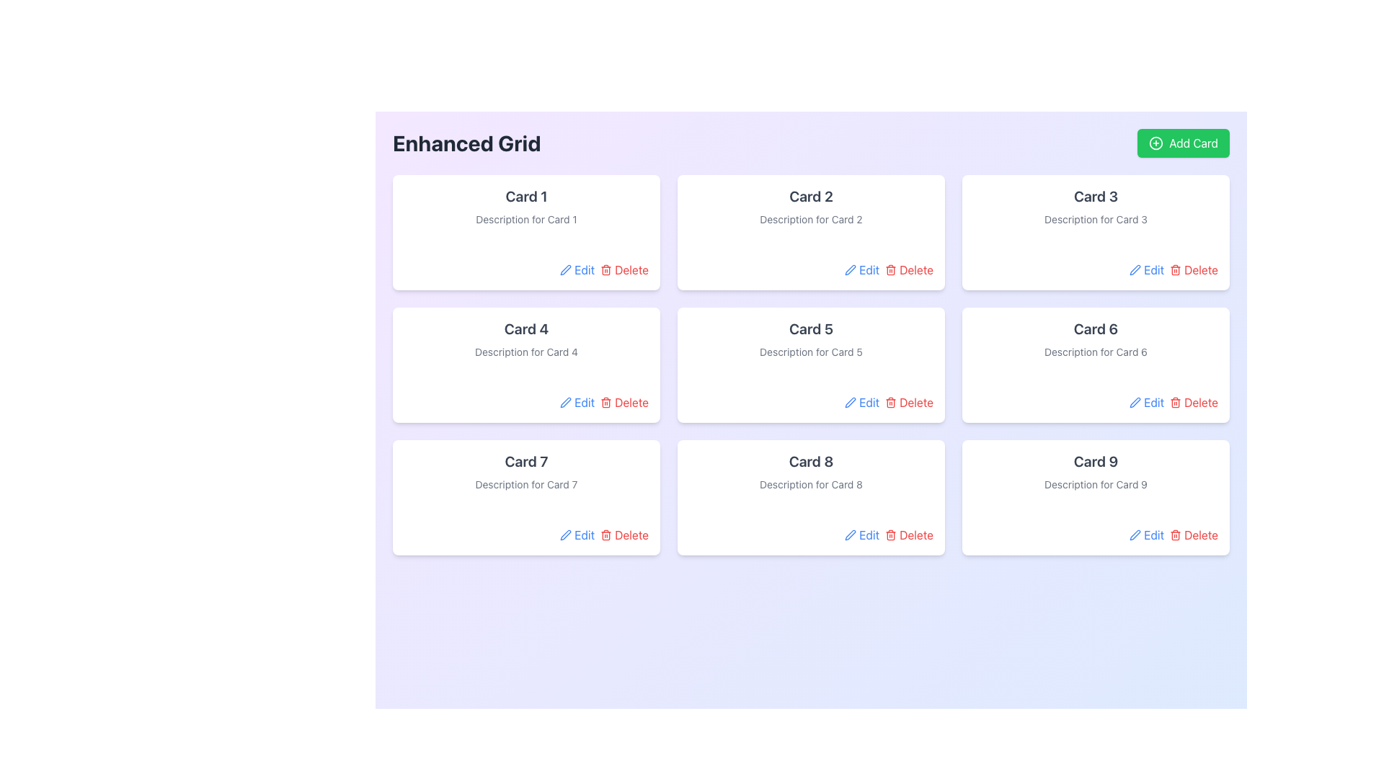 This screenshot has height=778, width=1384. Describe the element at coordinates (1096, 461) in the screenshot. I see `the text label reading 'Card 9', which is in bold and large font style, located at the top of the ninth card in a grid layout` at that location.